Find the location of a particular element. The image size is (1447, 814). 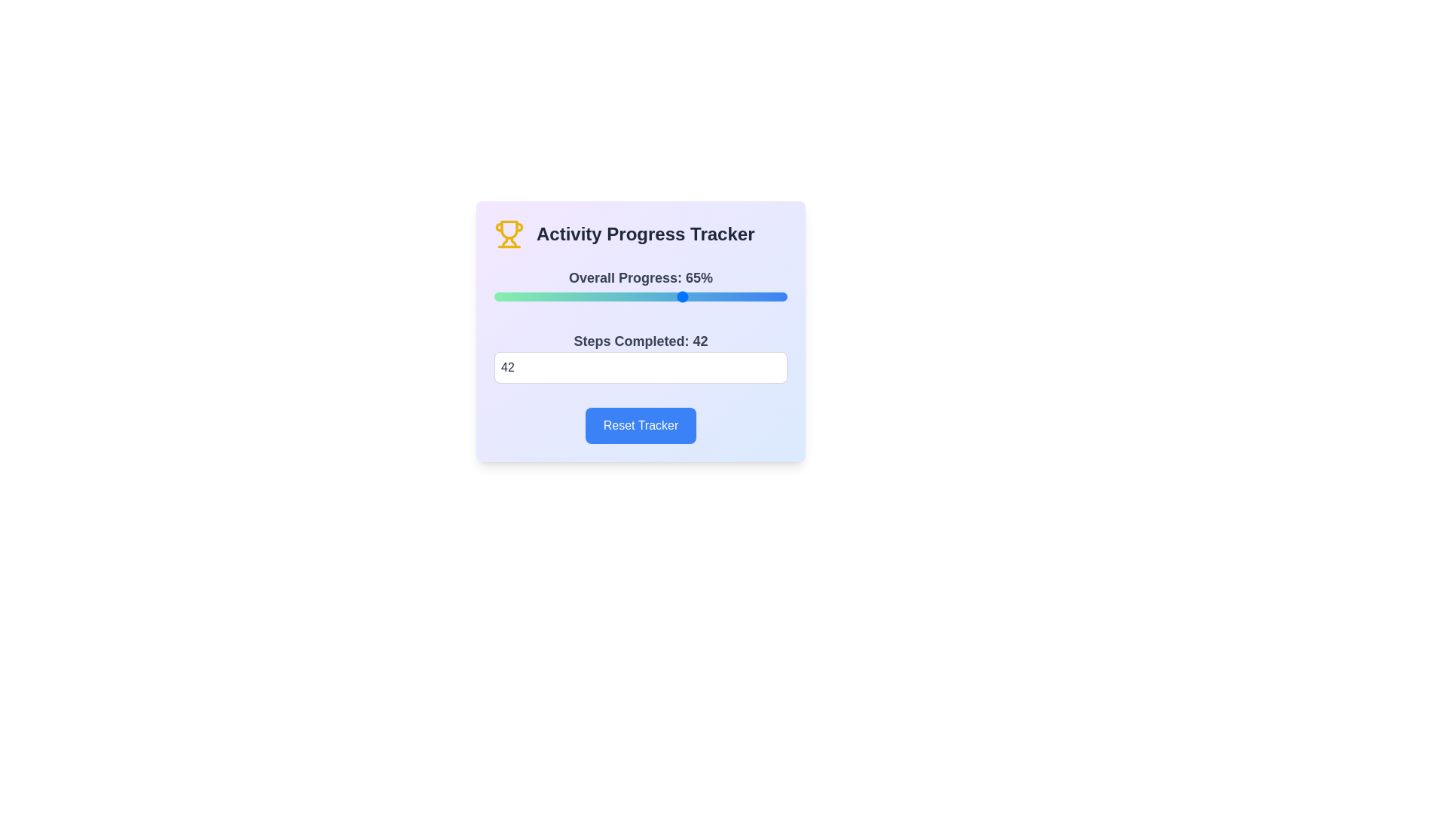

the steps completed to 55 by entering the value in the input field is located at coordinates (641, 368).